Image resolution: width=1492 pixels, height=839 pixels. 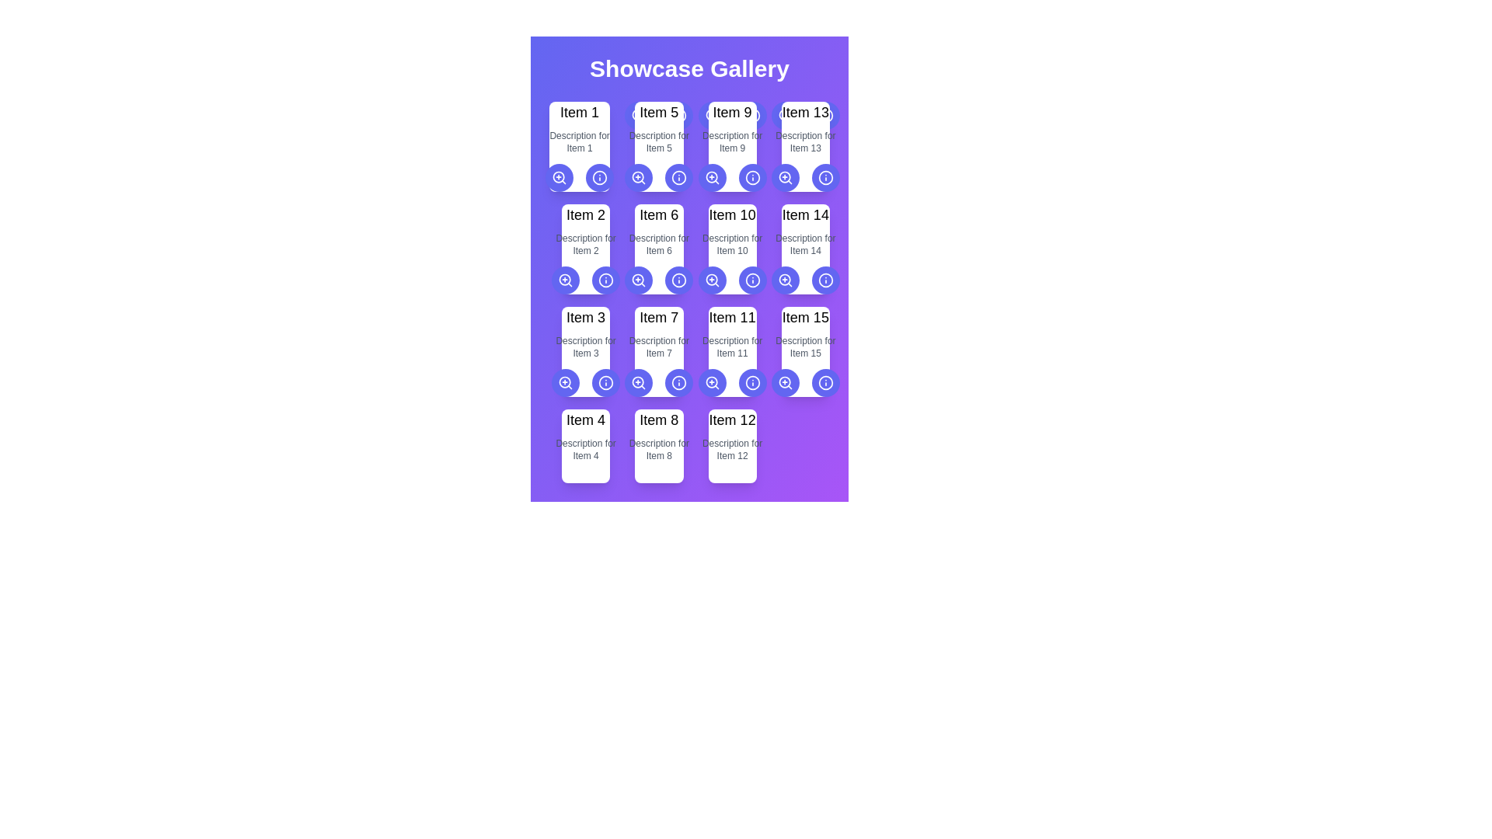 What do you see at coordinates (639, 176) in the screenshot?
I see `the zoom-in icon button located below the 'Item 5' card in the gallery` at bounding box center [639, 176].